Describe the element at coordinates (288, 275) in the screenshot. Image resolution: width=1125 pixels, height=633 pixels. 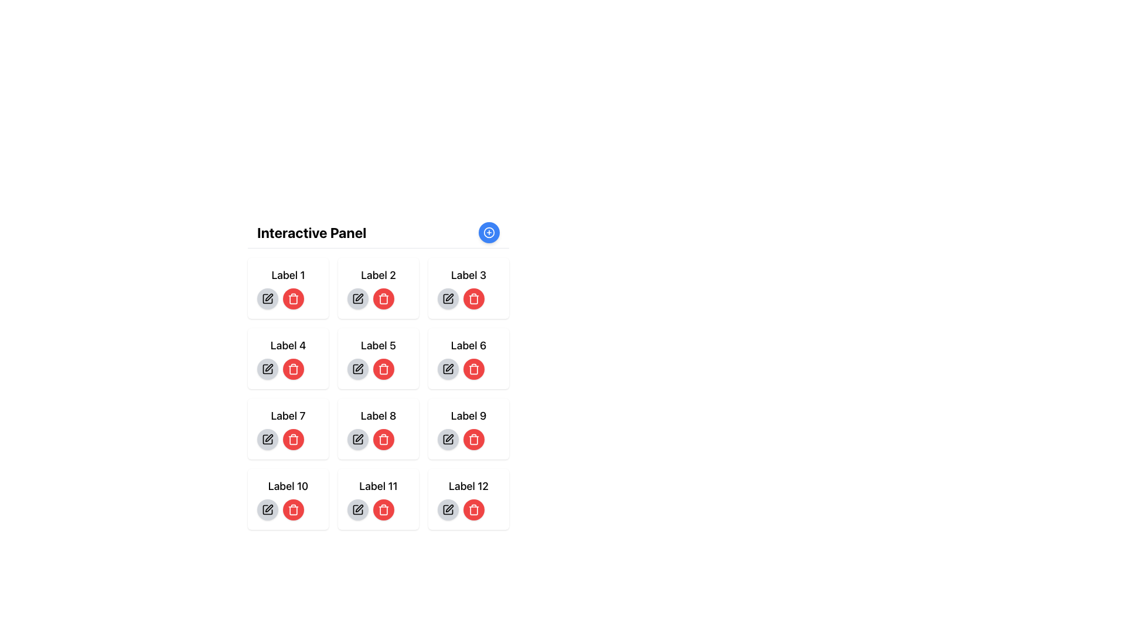
I see `the text label displaying 'Label 1'` at that location.